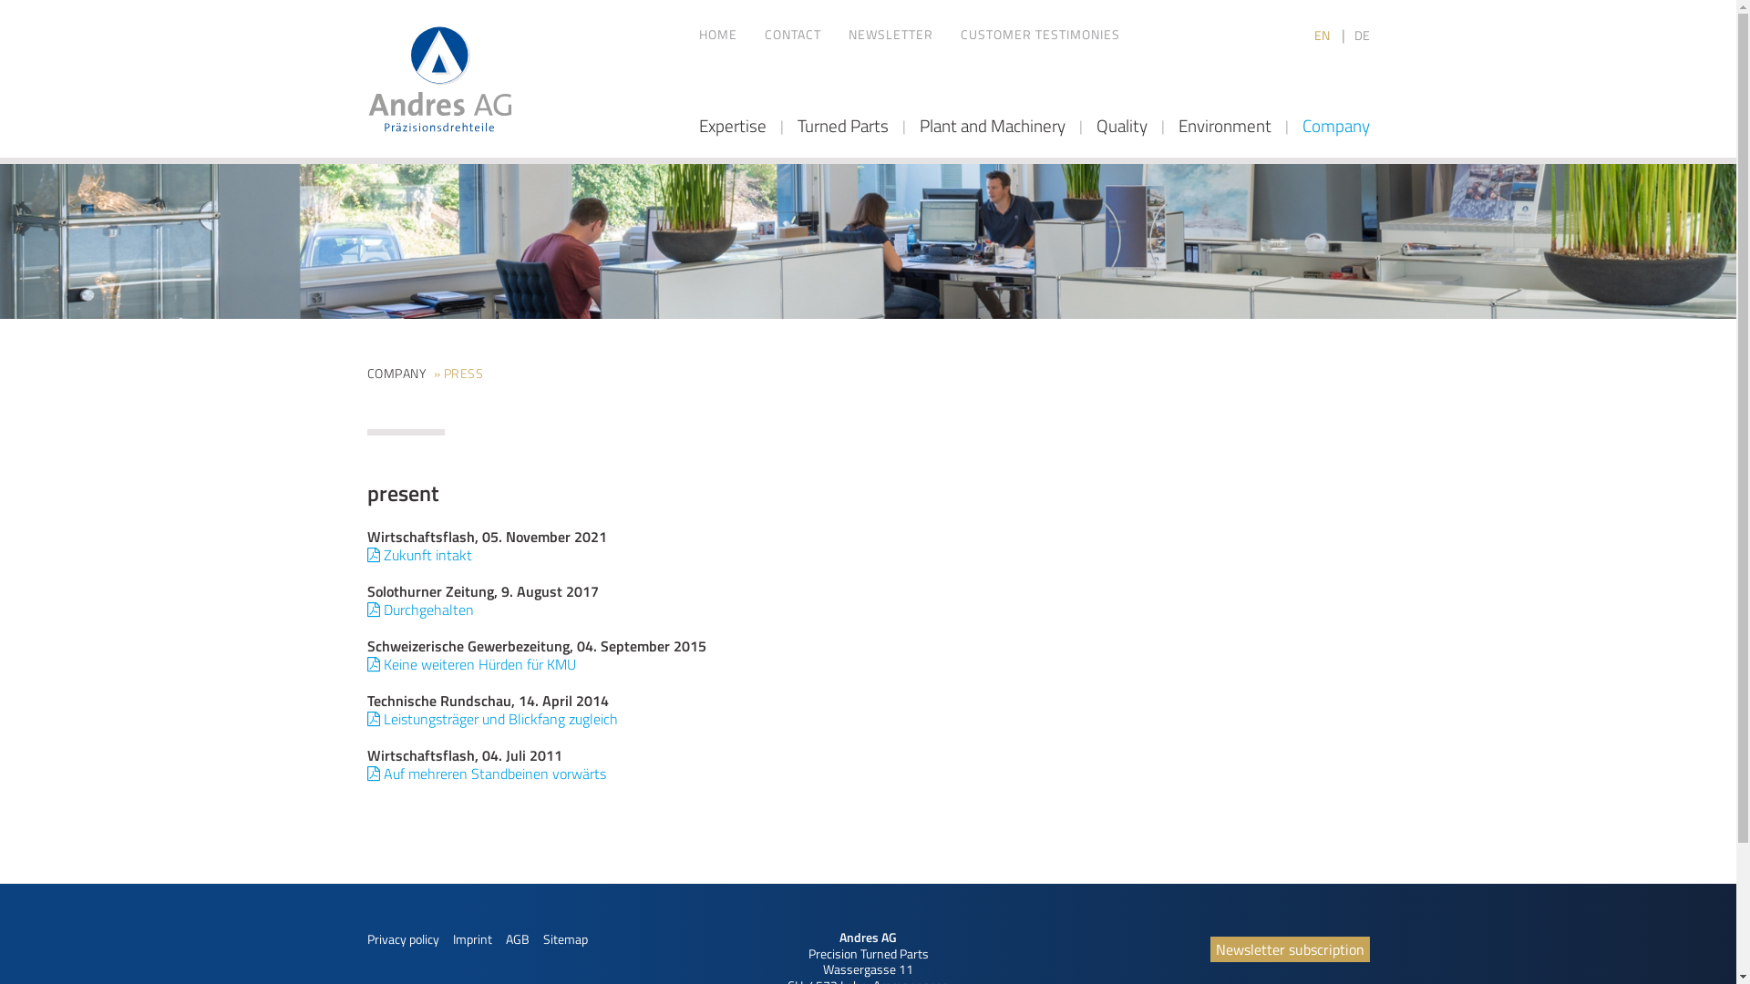 This screenshot has height=984, width=1750. Describe the element at coordinates (365, 609) in the screenshot. I see `'Durchgehalten'` at that location.